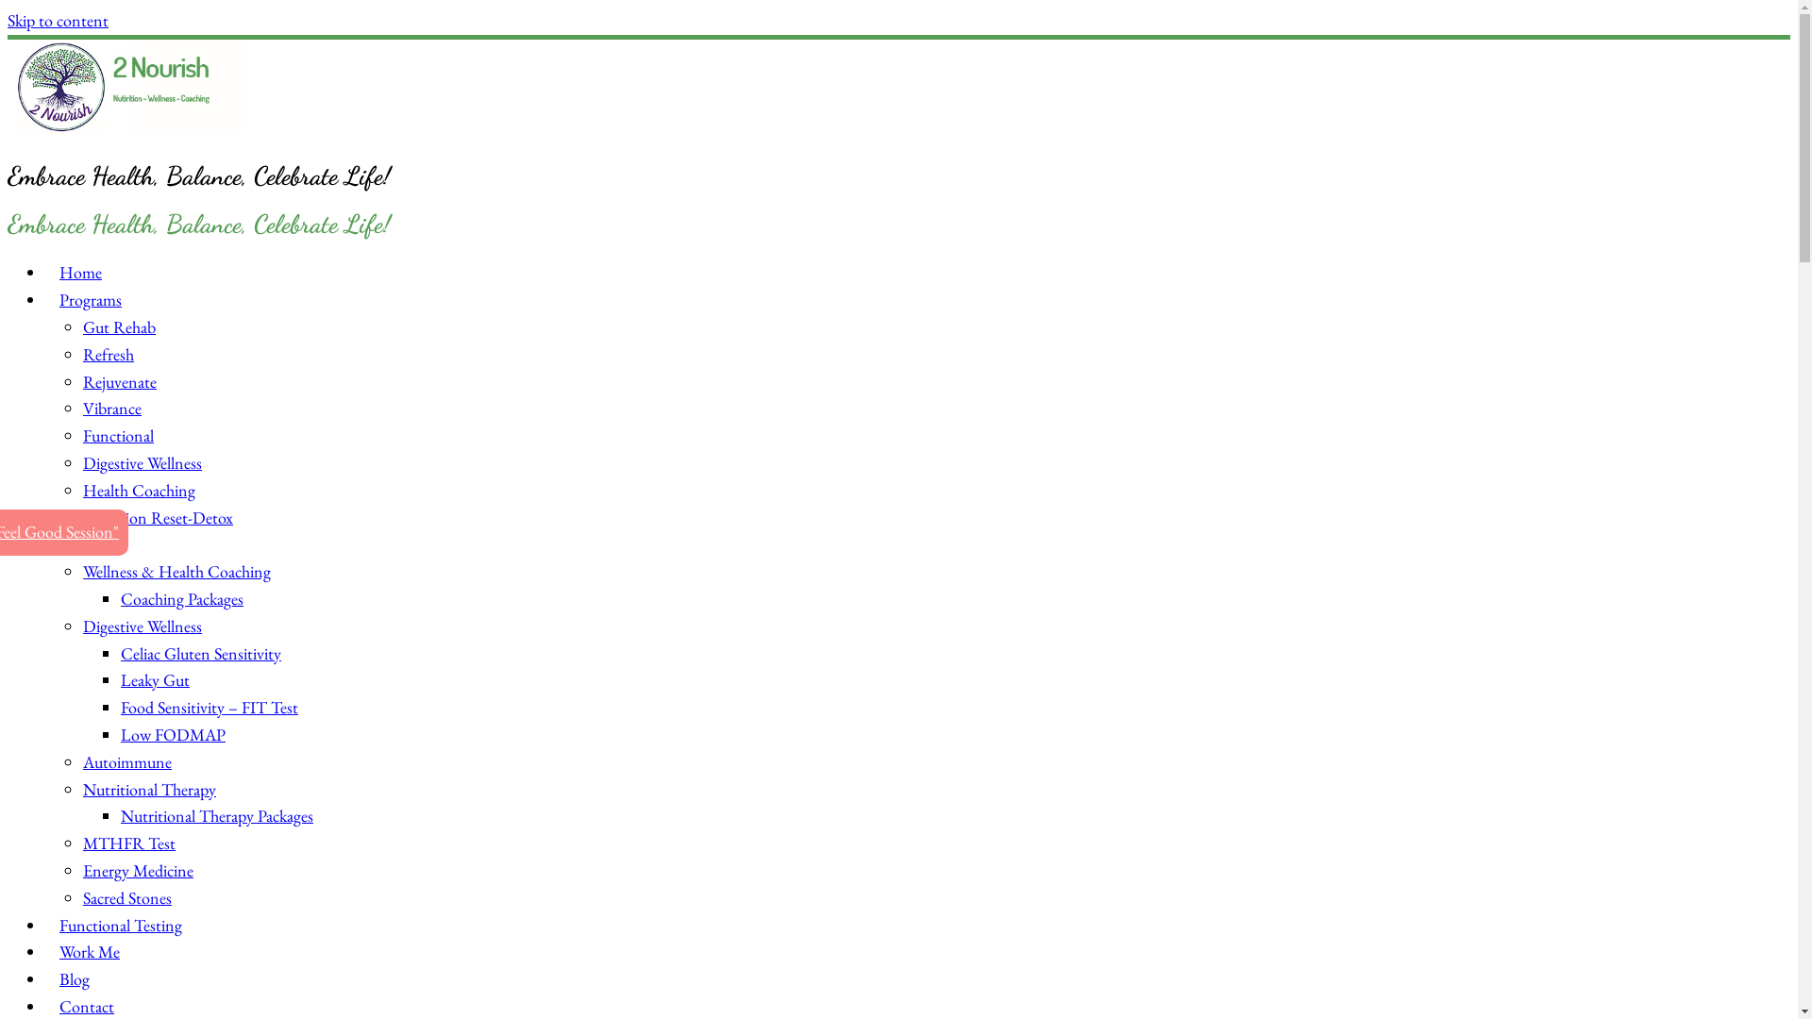 Image resolution: width=1812 pixels, height=1019 pixels. What do you see at coordinates (141, 462) in the screenshot?
I see `'Digestive Wellness'` at bounding box center [141, 462].